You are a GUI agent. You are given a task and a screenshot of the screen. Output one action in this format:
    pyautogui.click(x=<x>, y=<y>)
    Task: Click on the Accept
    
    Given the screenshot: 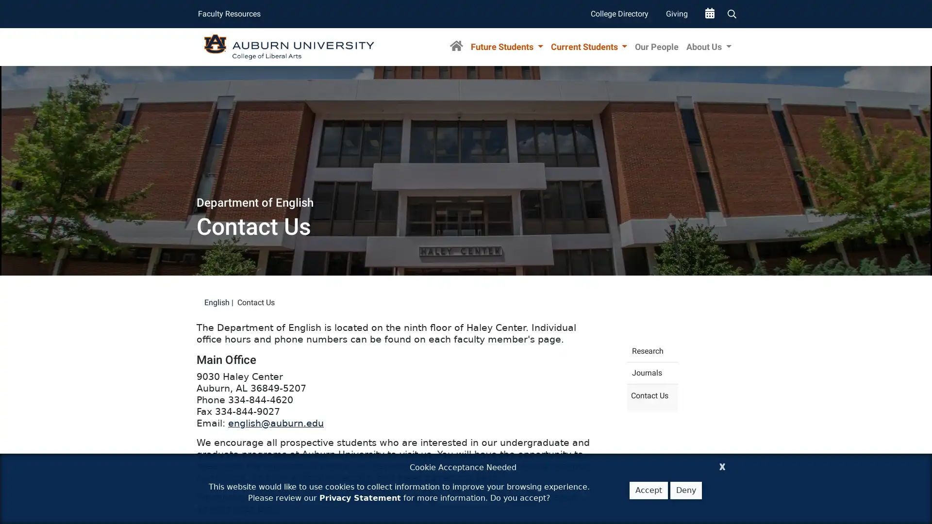 What is the action you would take?
    pyautogui.click(x=649, y=490)
    